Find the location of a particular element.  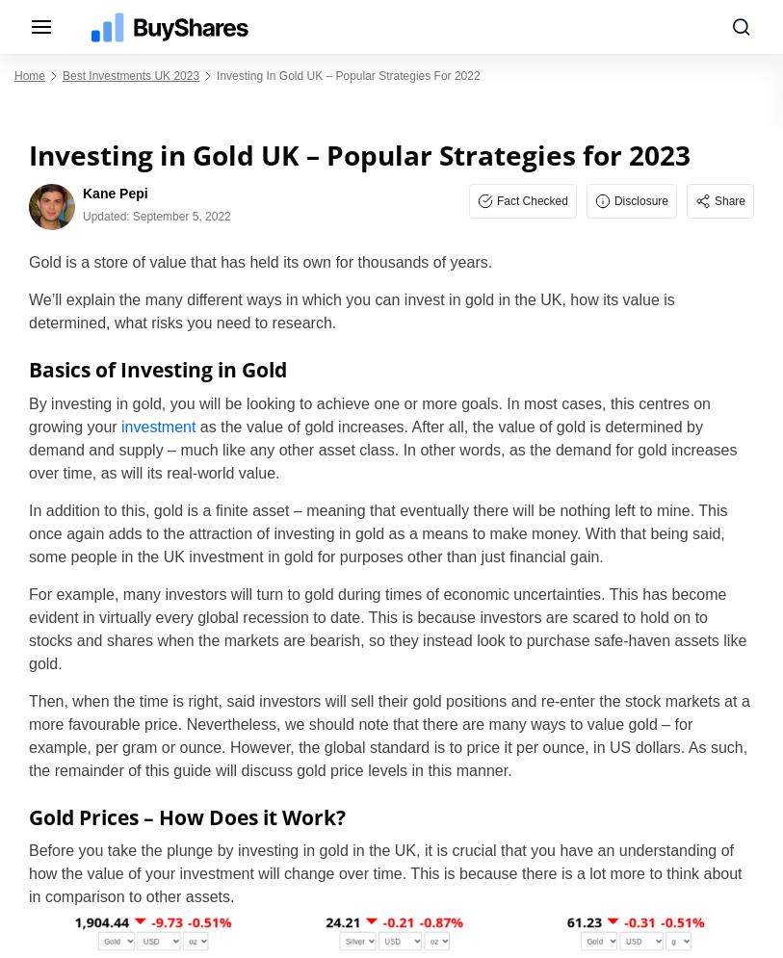

'Fact Checked' is located at coordinates (532, 200).